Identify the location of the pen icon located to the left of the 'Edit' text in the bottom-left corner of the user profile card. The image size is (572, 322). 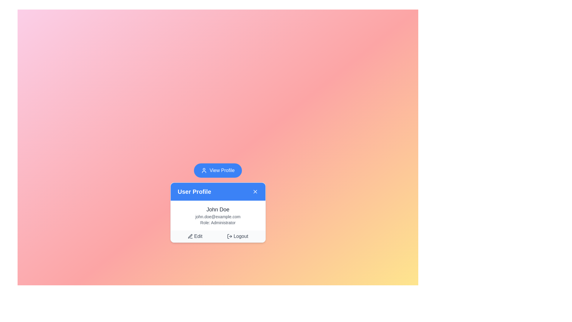
(190, 236).